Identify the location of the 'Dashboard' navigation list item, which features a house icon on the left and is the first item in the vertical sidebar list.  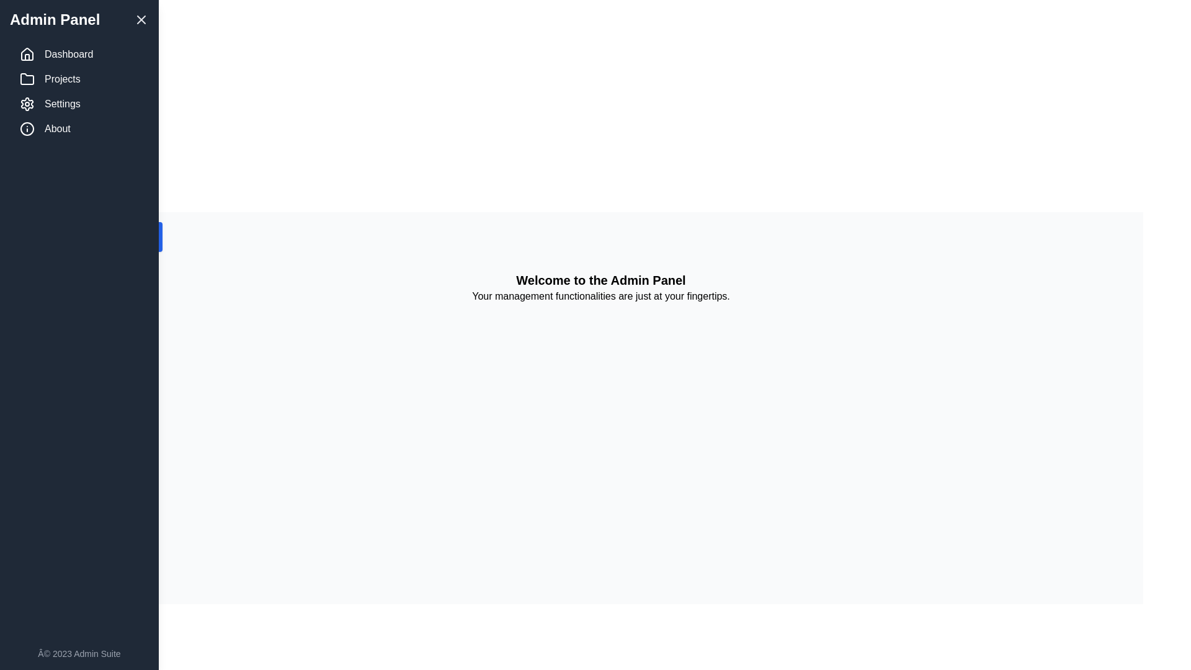
(79, 54).